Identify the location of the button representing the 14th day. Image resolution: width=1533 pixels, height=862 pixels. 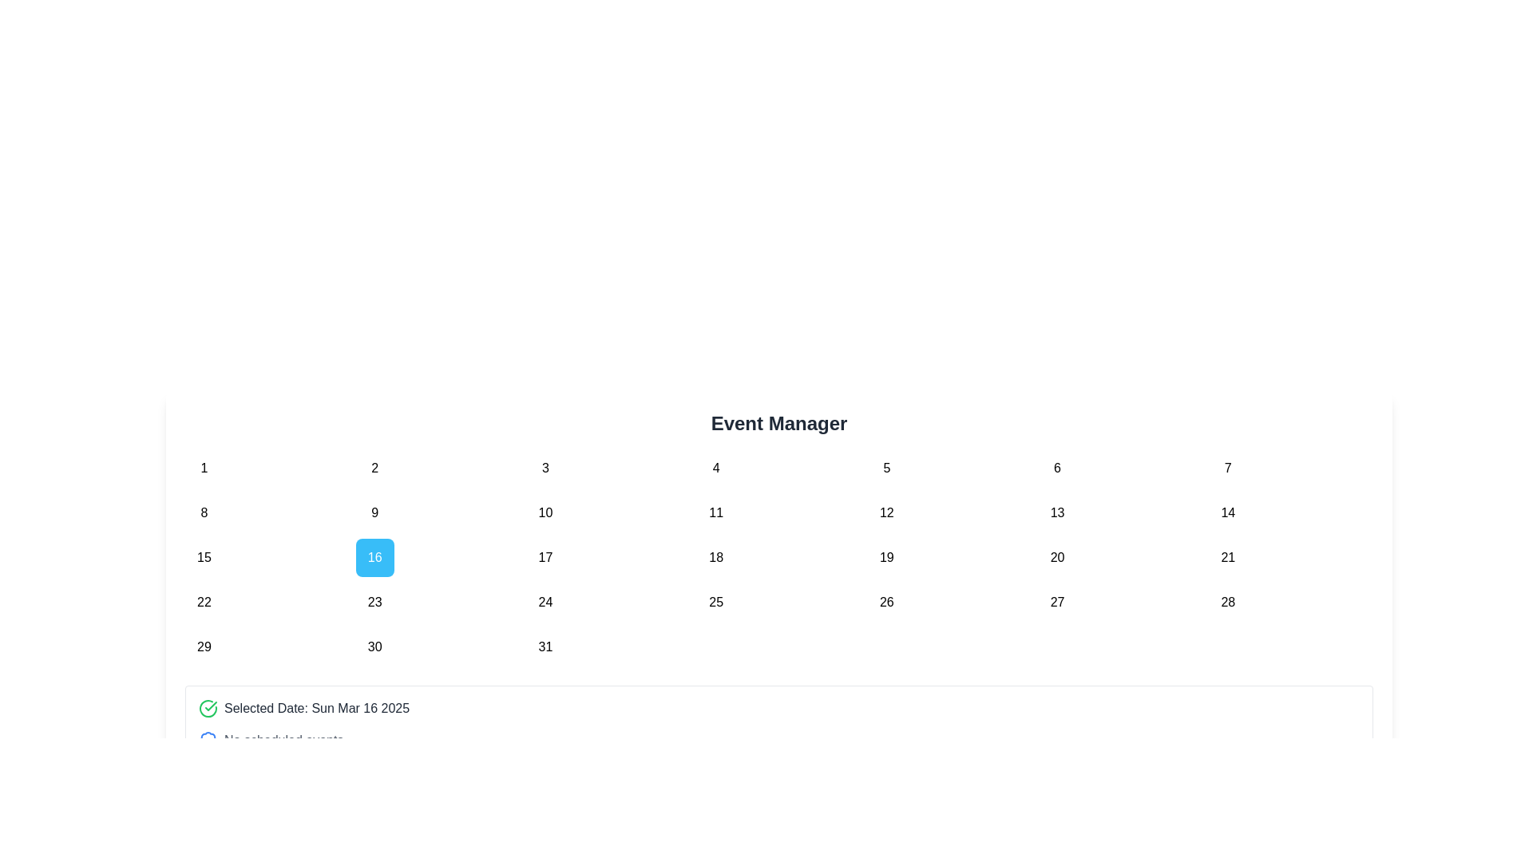
(1226, 513).